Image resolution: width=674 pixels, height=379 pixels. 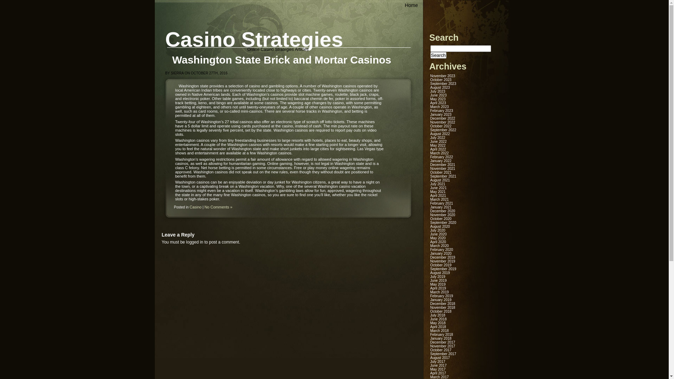 What do you see at coordinates (441, 126) in the screenshot?
I see `'October 2022'` at bounding box center [441, 126].